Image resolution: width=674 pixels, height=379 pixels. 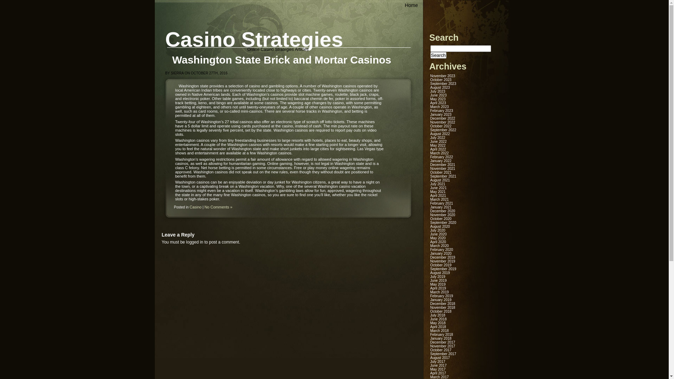 What do you see at coordinates (441, 126) in the screenshot?
I see `'October 2022'` at bounding box center [441, 126].